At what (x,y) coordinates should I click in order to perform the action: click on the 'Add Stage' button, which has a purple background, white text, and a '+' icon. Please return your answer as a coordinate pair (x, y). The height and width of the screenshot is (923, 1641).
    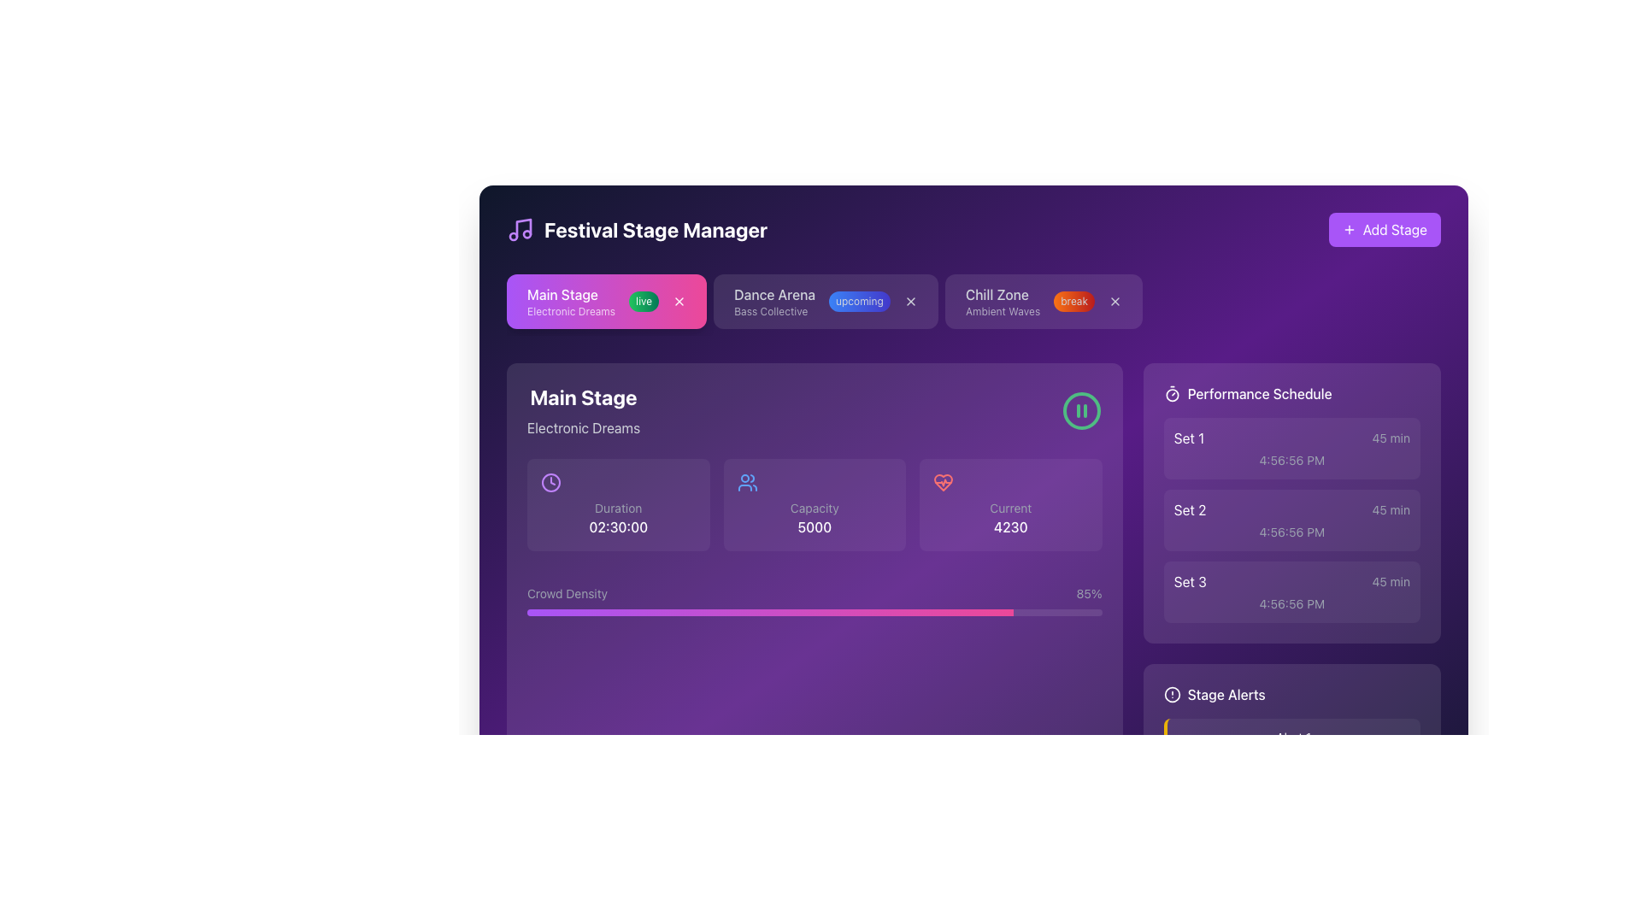
    Looking at the image, I should click on (1385, 229).